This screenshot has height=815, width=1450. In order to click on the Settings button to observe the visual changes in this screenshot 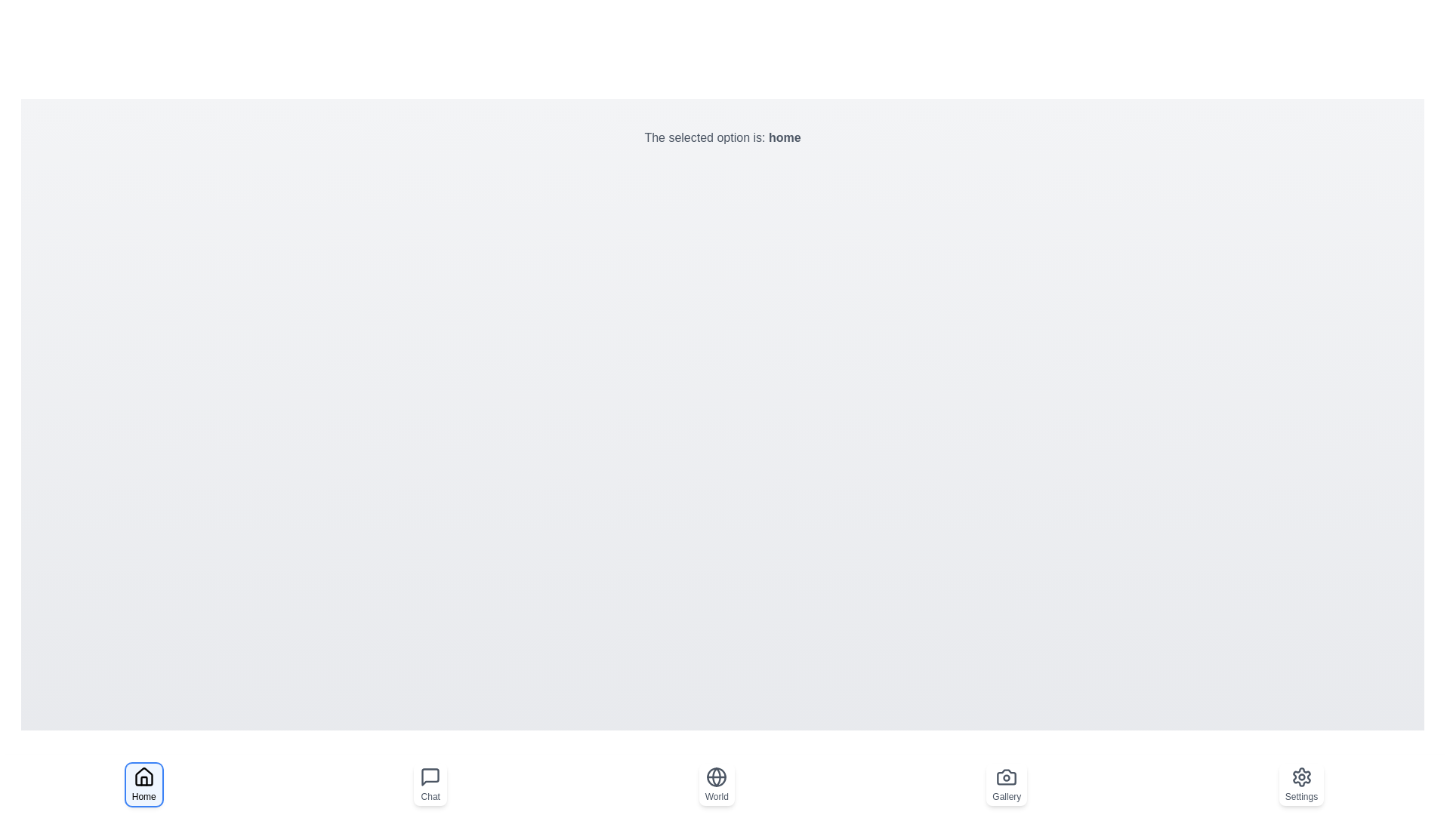, I will do `click(1300, 784)`.